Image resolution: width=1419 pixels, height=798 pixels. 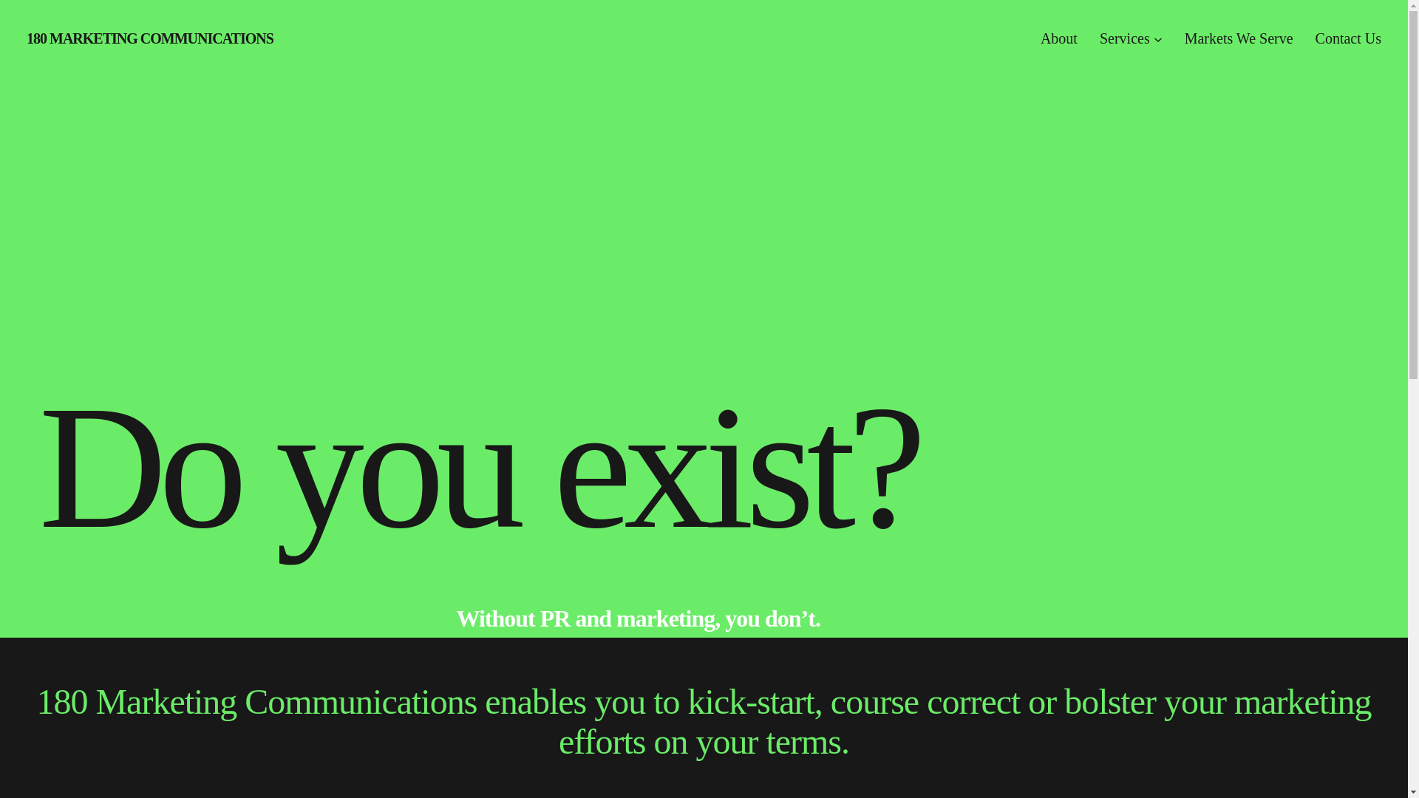 I want to click on '180 MARKETING COMMUNICATIONS', so click(x=149, y=37).